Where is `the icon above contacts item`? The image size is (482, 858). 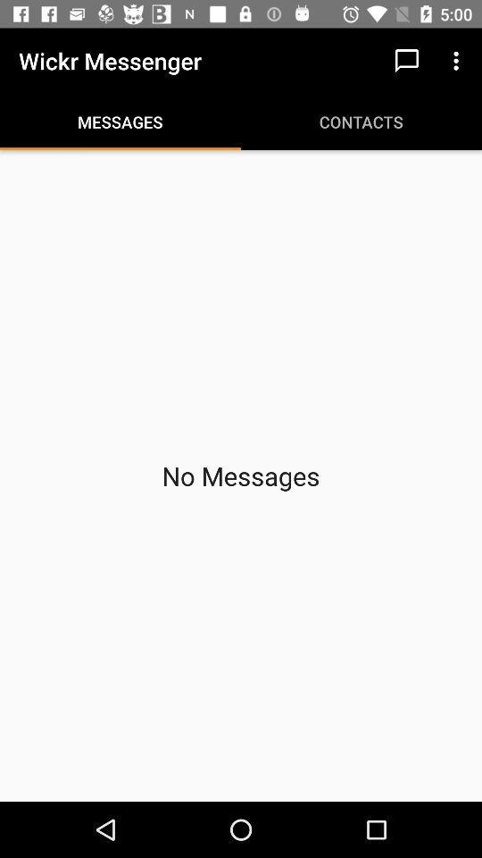
the icon above contacts item is located at coordinates (406, 61).